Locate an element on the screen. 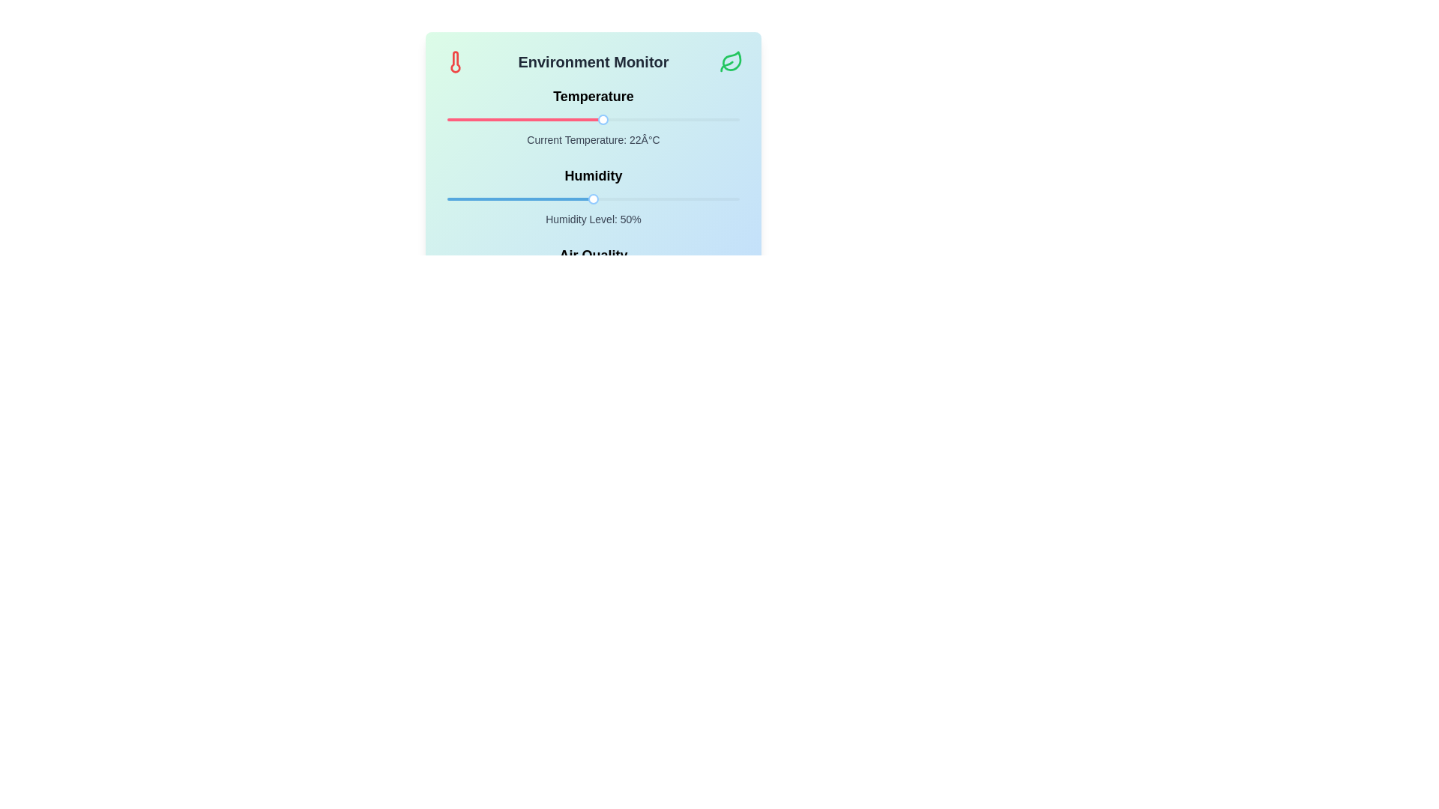  the temperature is located at coordinates (549, 118).